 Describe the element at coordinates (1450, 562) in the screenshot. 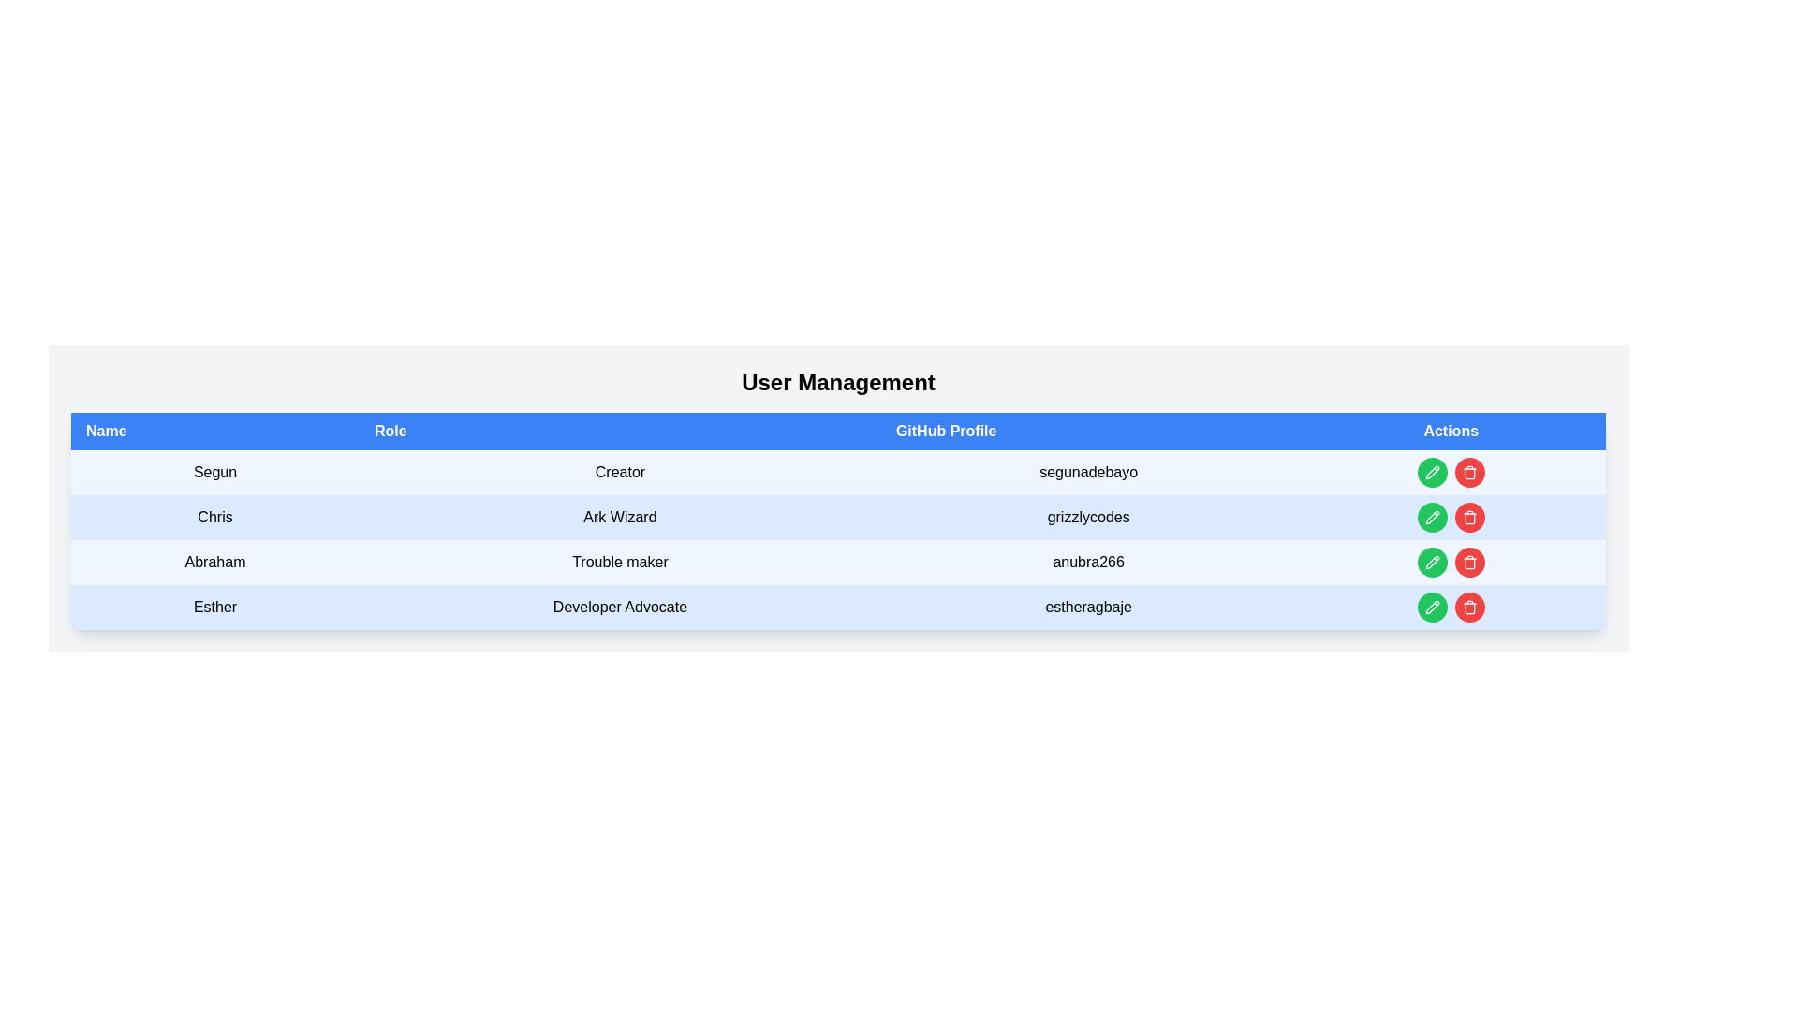

I see `the green button with a pencil icon in the Actions column for user 'Abraham'` at that location.